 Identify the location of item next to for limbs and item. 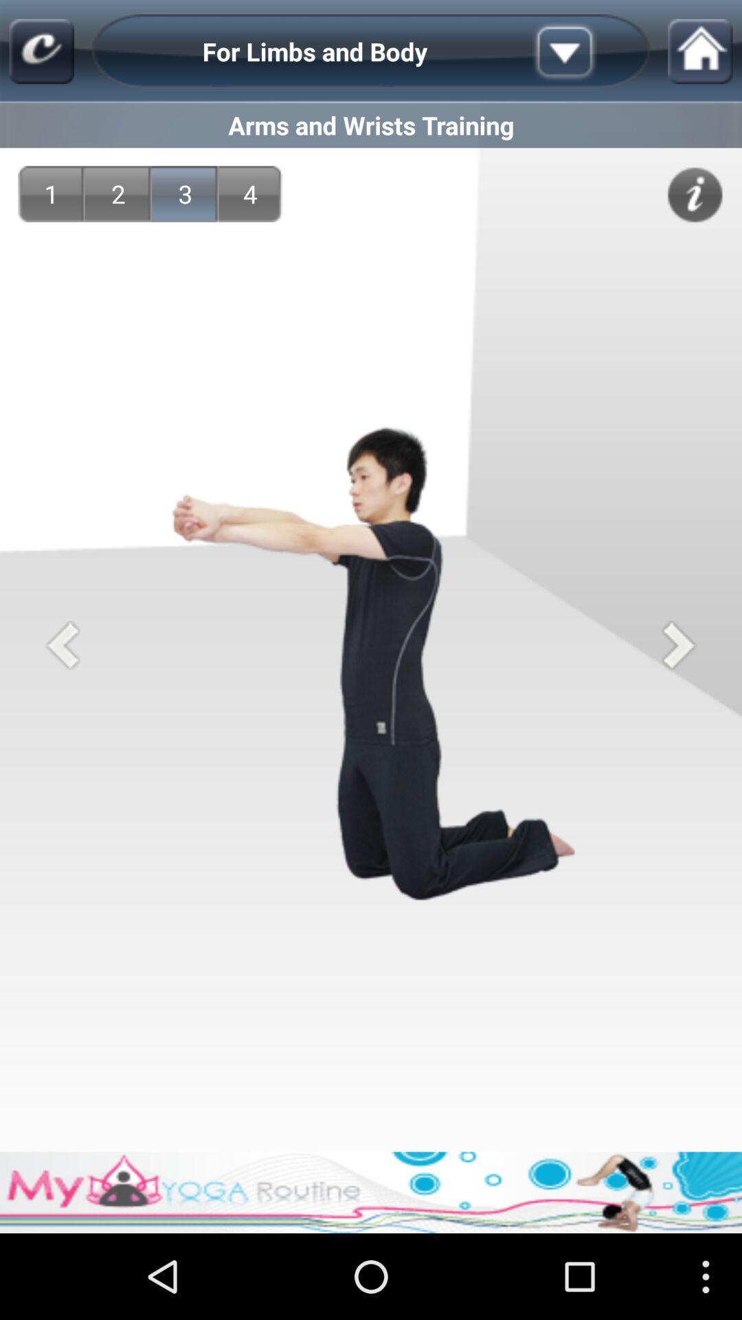
(586, 52).